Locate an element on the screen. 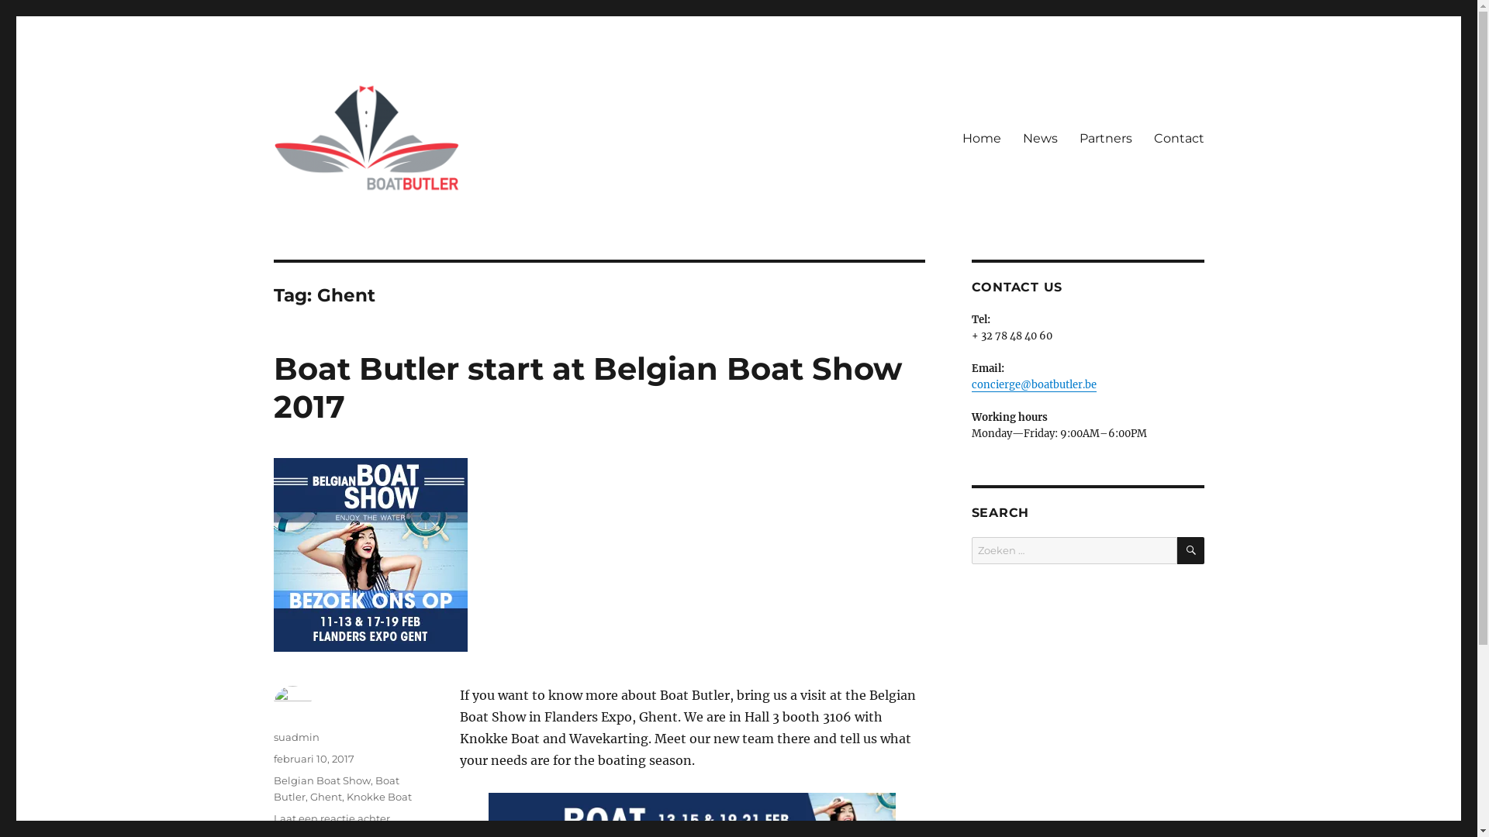 The image size is (1489, 837). 'Laat een reactie achter' is located at coordinates (330, 818).